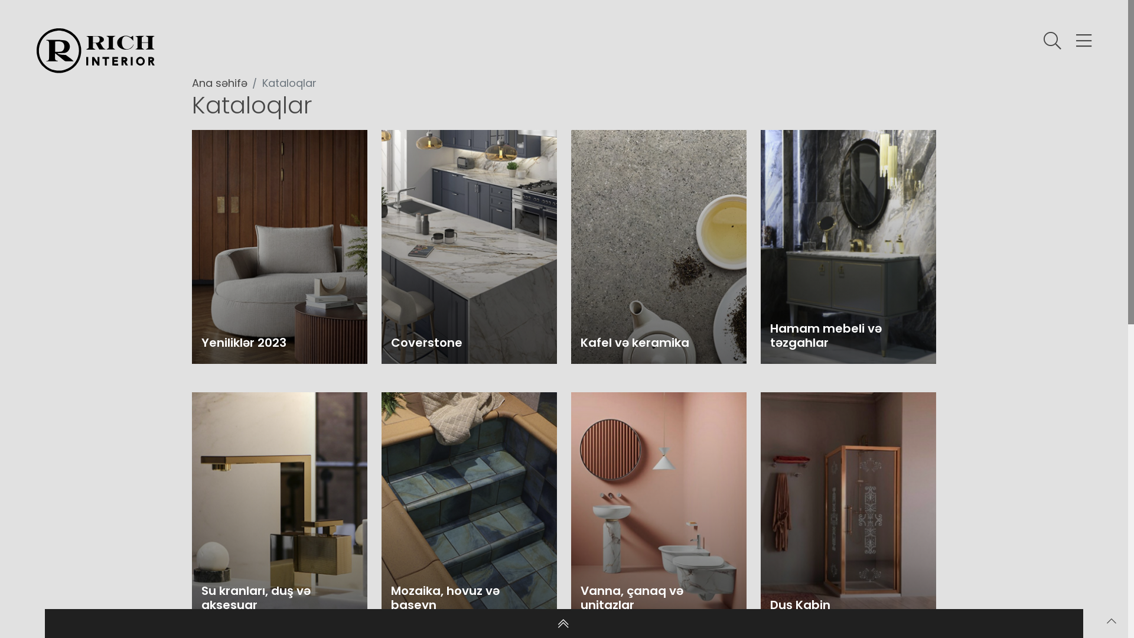 The image size is (1134, 638). What do you see at coordinates (468, 246) in the screenshot?
I see `'Coverstone'` at bounding box center [468, 246].